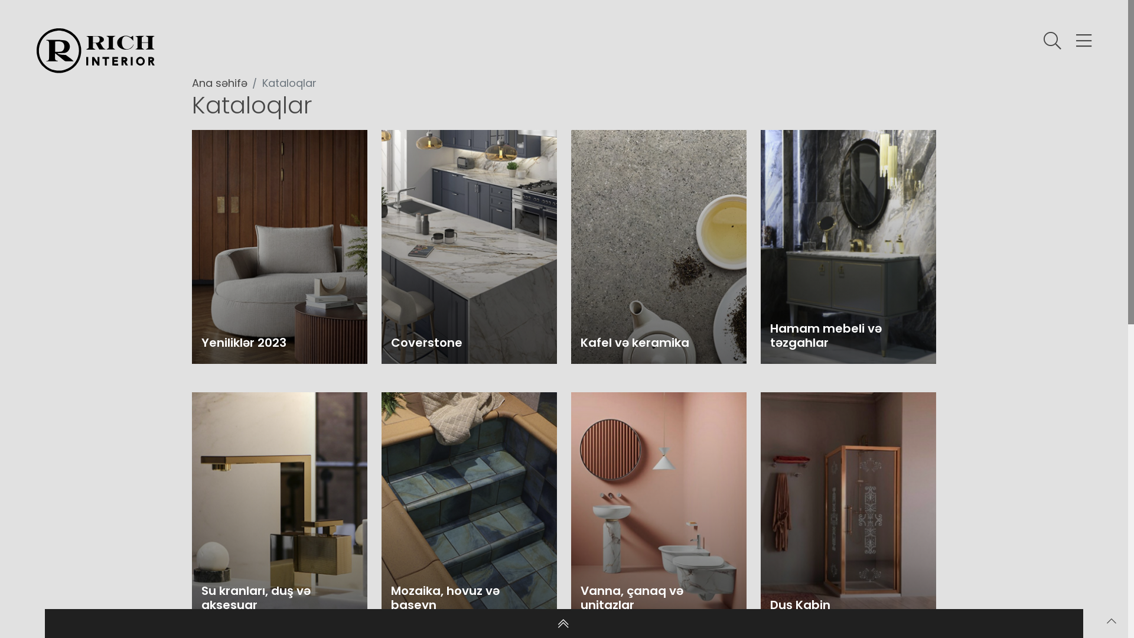 The image size is (1134, 638). What do you see at coordinates (468, 246) in the screenshot?
I see `'Coverstone'` at bounding box center [468, 246].